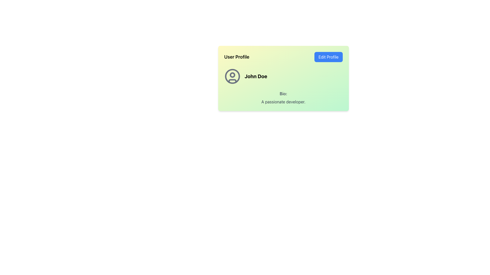 The image size is (490, 275). Describe the element at coordinates (232, 76) in the screenshot. I see `the circular SVG shape that represents the user profile icon located to the left of the name 'John Doe' in the user profile area` at that location.